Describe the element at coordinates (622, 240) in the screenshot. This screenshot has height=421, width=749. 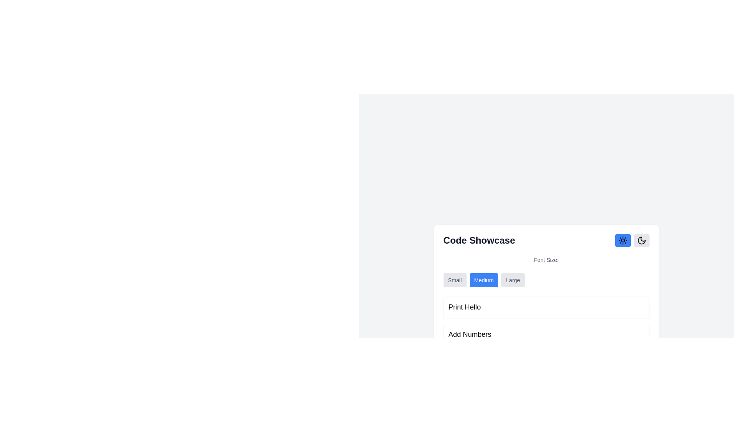
I see `the blue rectangular button with a sun icon, located in the upper-right corner of the 'Code Showcase' section, to toggle light mode` at that location.